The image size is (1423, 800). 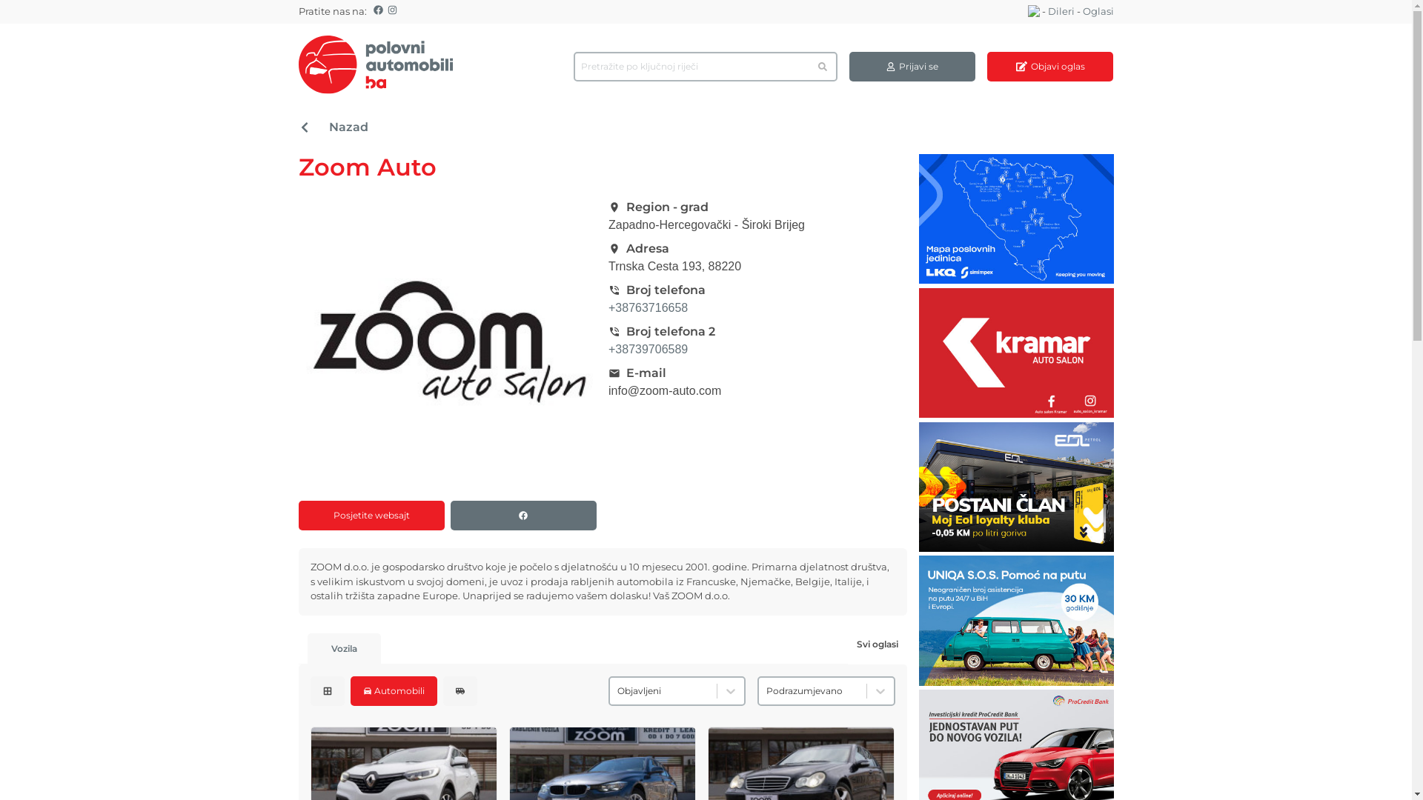 What do you see at coordinates (911, 65) in the screenshot?
I see `'Prijavi se'` at bounding box center [911, 65].